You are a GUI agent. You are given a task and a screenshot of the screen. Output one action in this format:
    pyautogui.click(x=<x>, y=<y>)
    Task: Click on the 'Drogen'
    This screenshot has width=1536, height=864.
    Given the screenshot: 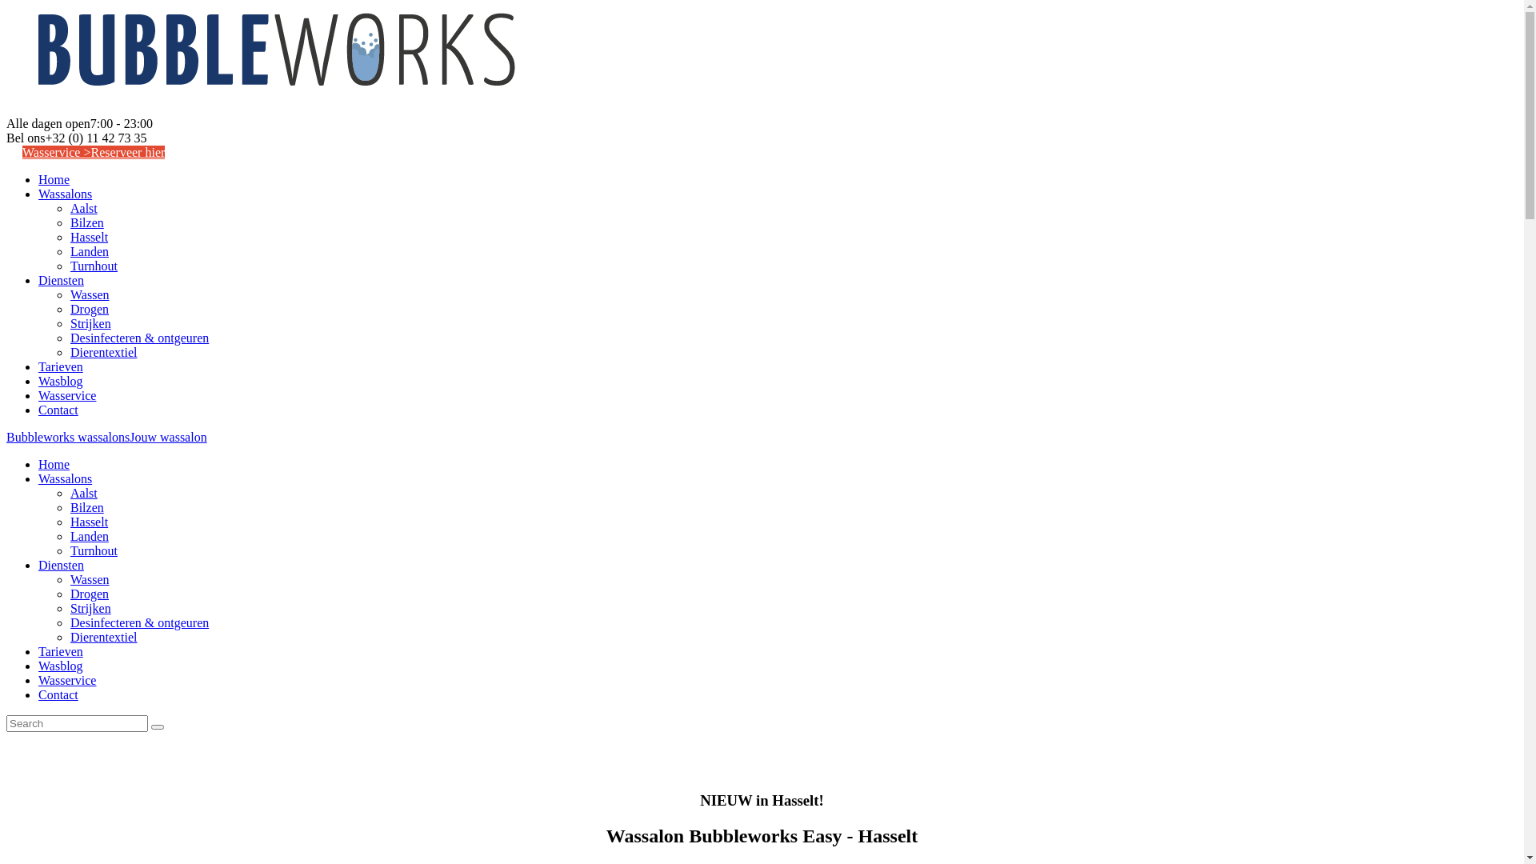 What is the action you would take?
    pyautogui.click(x=88, y=594)
    